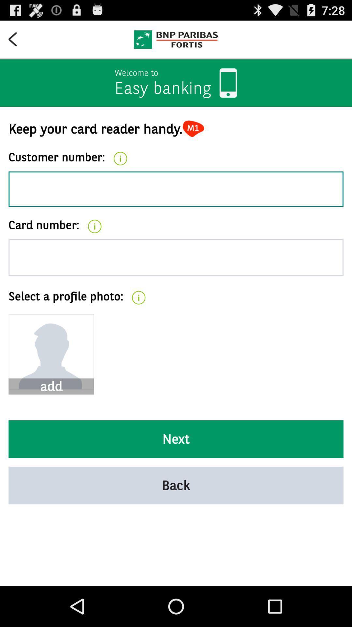  What do you see at coordinates (95, 242) in the screenshot?
I see `the info icon` at bounding box center [95, 242].